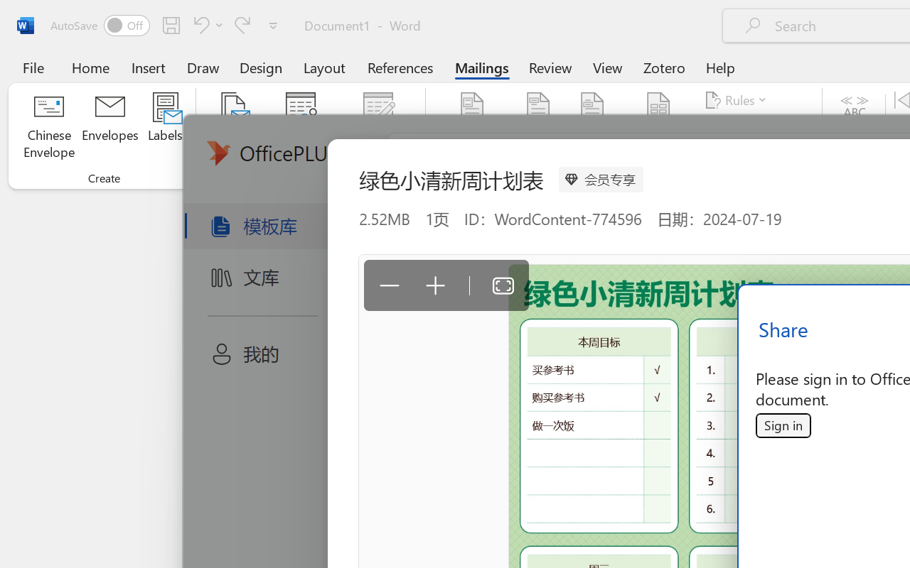 The height and width of the screenshot is (568, 910). What do you see at coordinates (537, 127) in the screenshot?
I see `'Address Block...'` at bounding box center [537, 127].